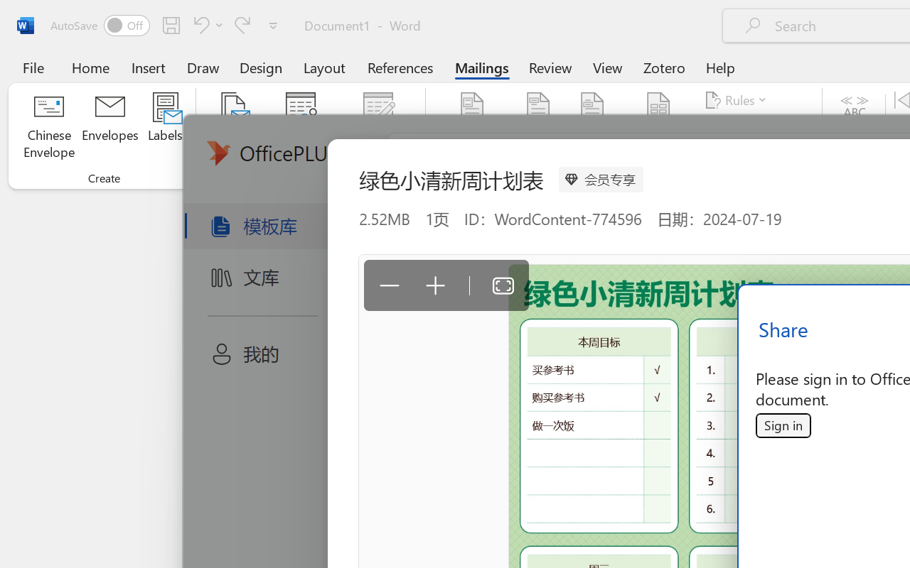 The height and width of the screenshot is (568, 910). What do you see at coordinates (537, 127) in the screenshot?
I see `'Address Block...'` at bounding box center [537, 127].